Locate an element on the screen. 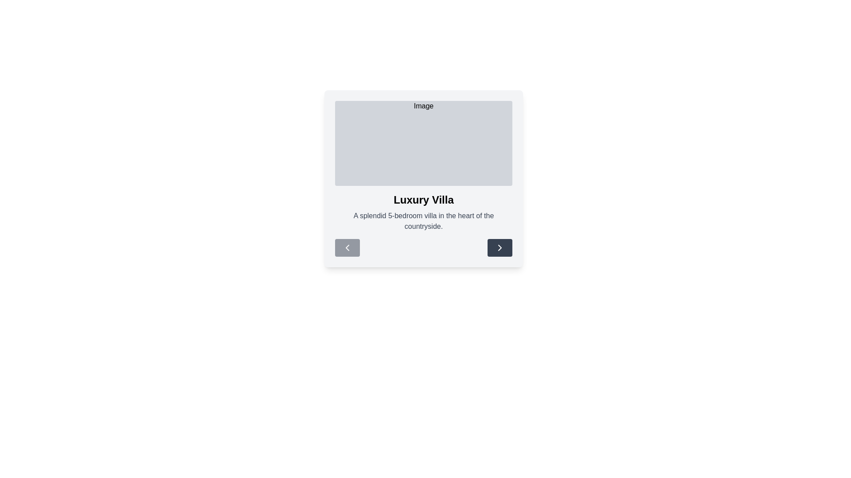  the navigation button with a dark gray background and a white arrow icon pointing to the right, located at the bottom-right of the visible card is located at coordinates (500, 247).